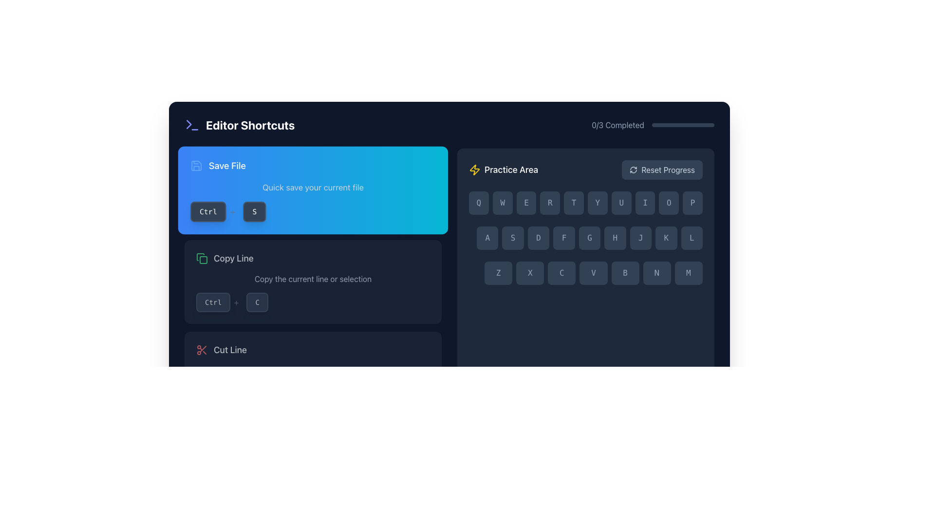 Image resolution: width=935 pixels, height=526 pixels. What do you see at coordinates (617, 125) in the screenshot?
I see `the Static Text Display showing '0/3 Completed'` at bounding box center [617, 125].